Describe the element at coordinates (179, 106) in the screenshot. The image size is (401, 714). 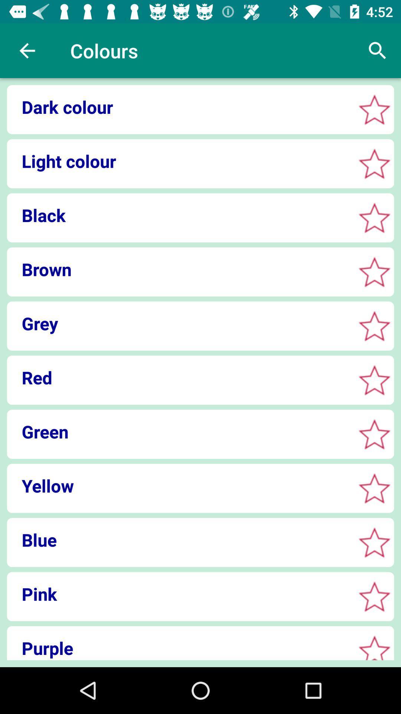
I see `dark colour icon` at that location.